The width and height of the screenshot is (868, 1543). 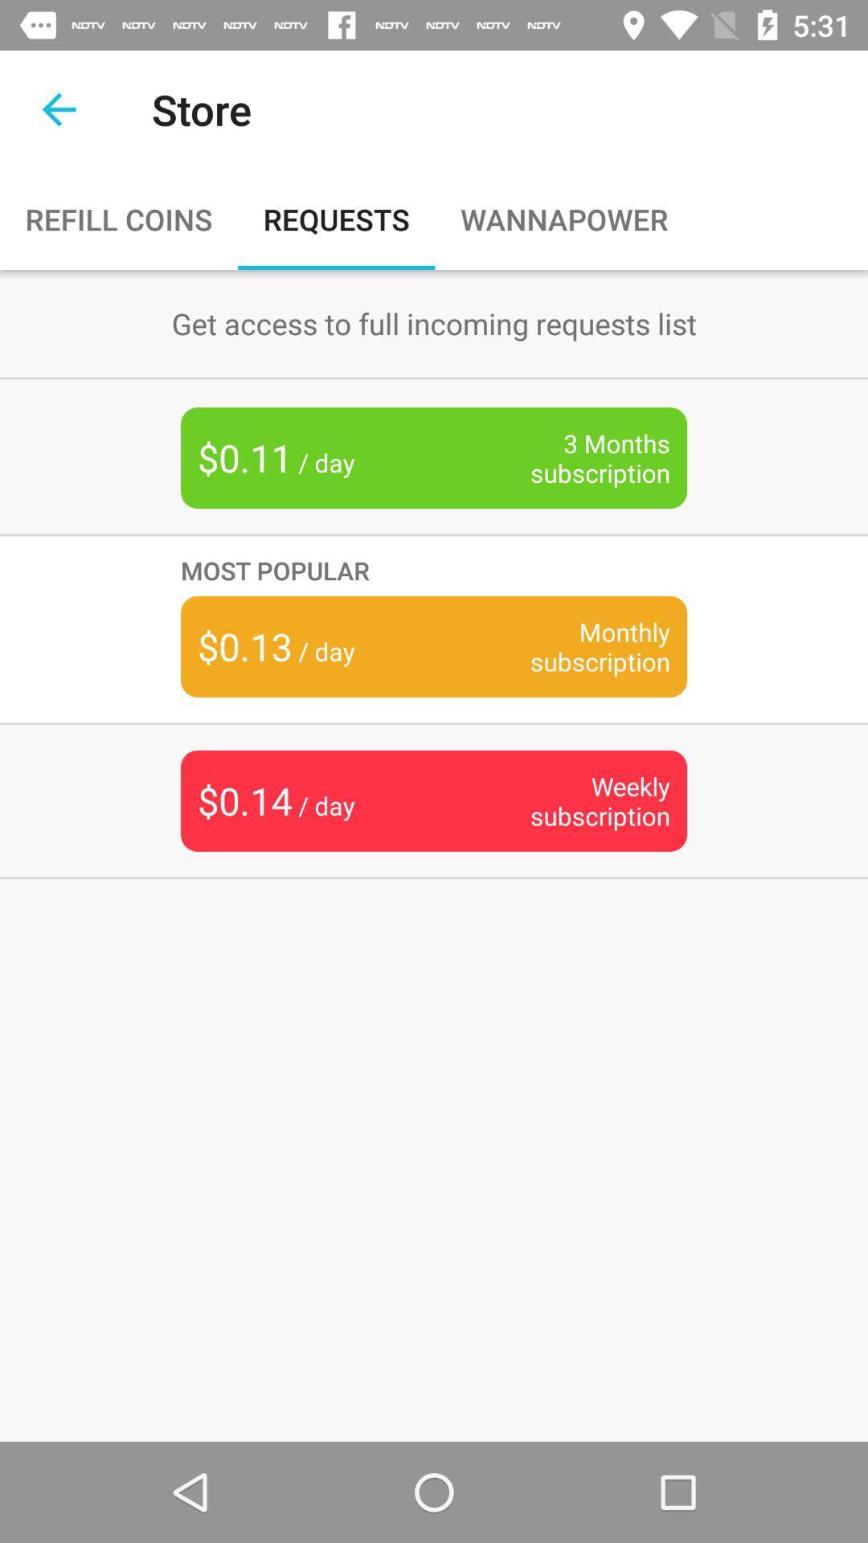 I want to click on the item next to the $0.14 / day, so click(x=575, y=800).